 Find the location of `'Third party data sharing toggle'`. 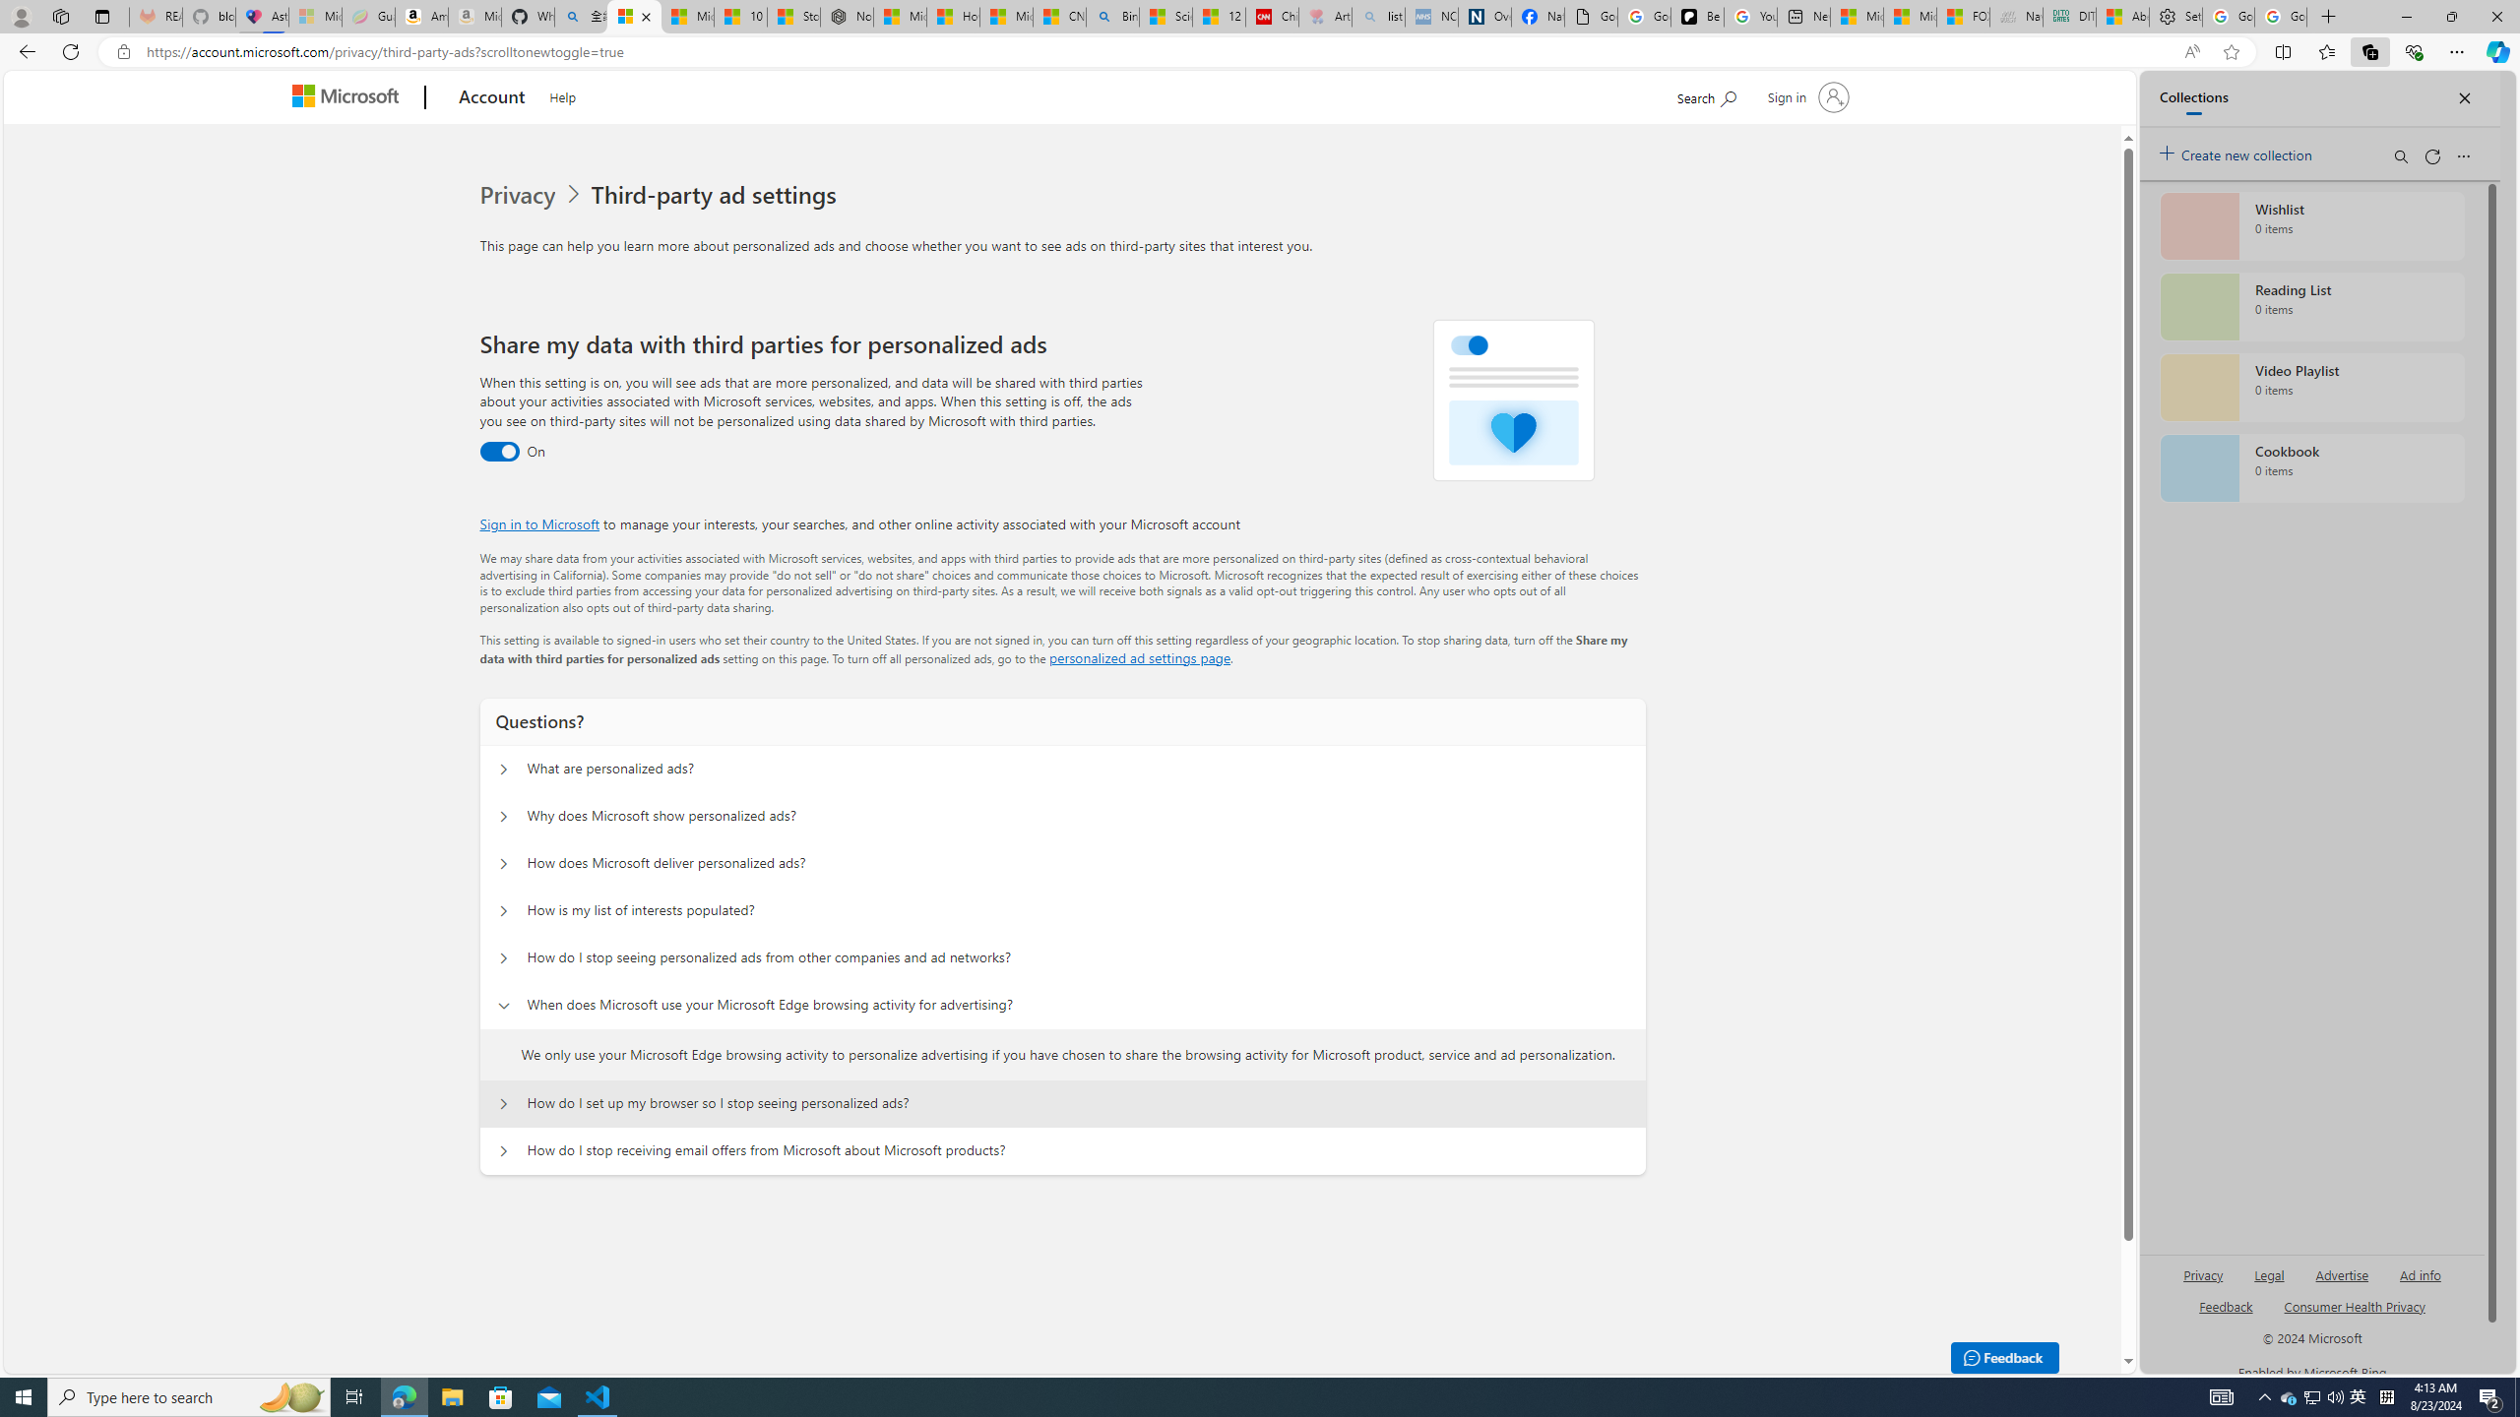

'Third party data sharing toggle' is located at coordinates (497, 452).